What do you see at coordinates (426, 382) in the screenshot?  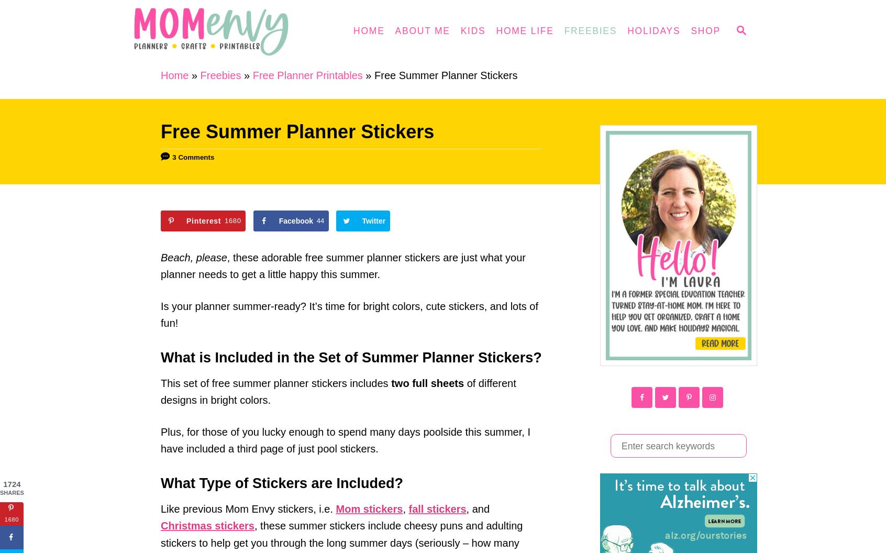 I see `'two full sheets'` at bounding box center [426, 382].